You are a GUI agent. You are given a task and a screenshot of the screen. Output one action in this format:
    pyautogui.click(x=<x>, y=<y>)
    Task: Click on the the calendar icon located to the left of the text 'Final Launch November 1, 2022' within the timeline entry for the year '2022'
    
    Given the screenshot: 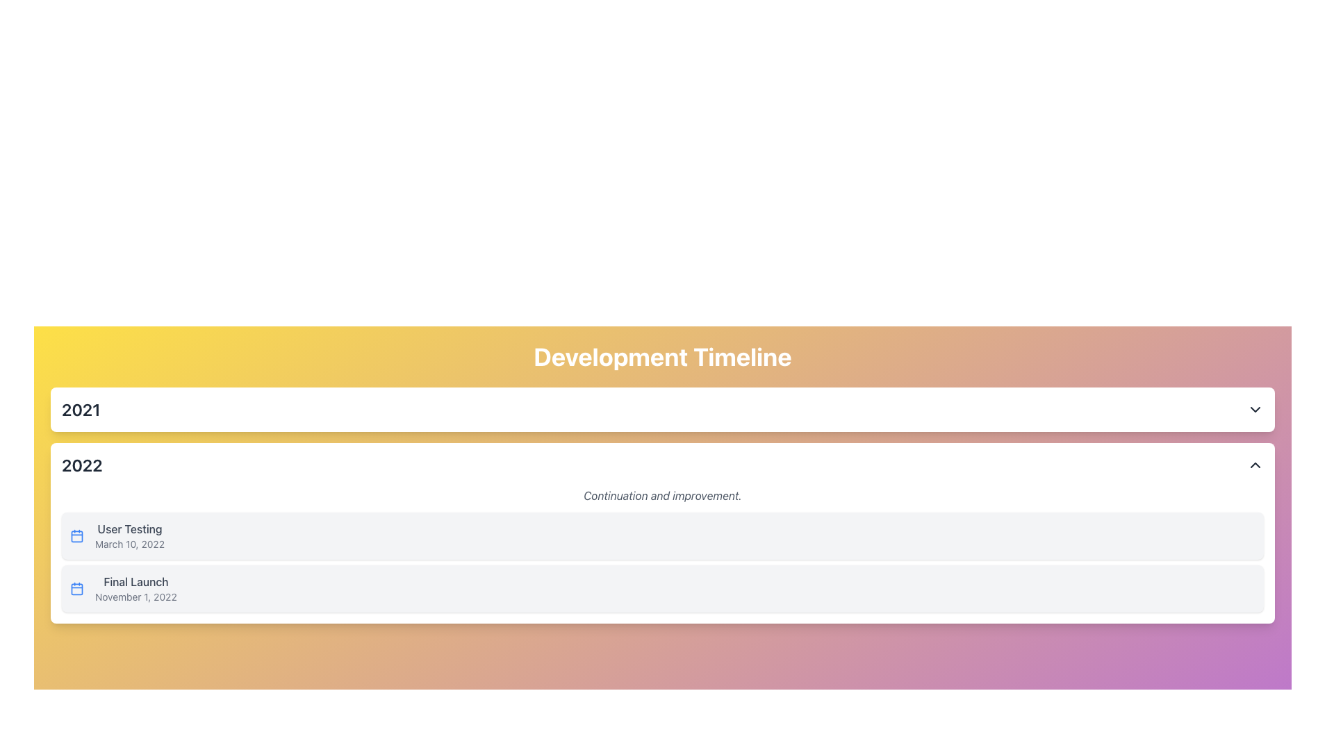 What is the action you would take?
    pyautogui.click(x=76, y=589)
    